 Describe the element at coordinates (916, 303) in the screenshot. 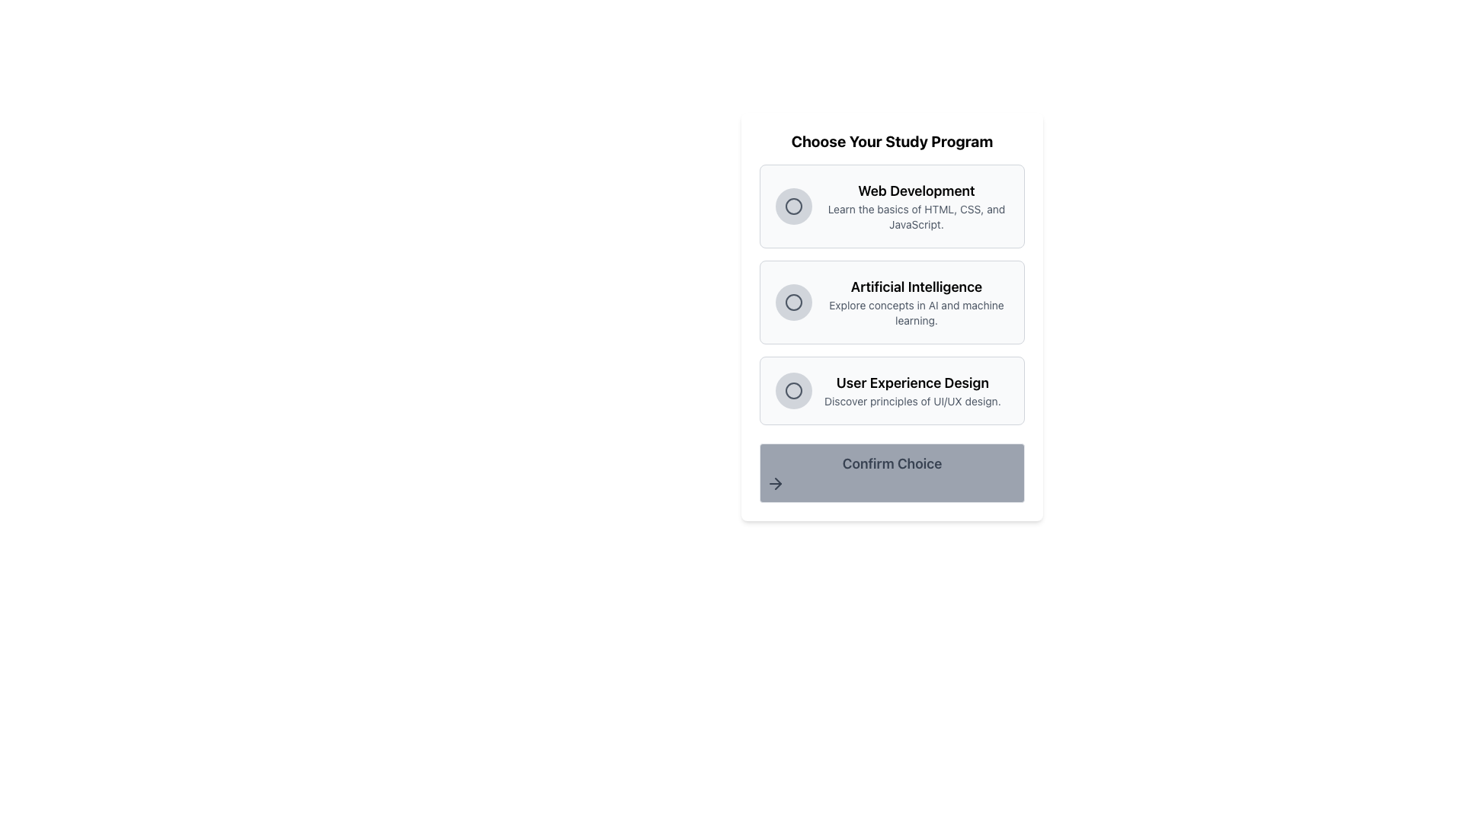

I see `the text block titled 'Artificial Intelligence'` at that location.